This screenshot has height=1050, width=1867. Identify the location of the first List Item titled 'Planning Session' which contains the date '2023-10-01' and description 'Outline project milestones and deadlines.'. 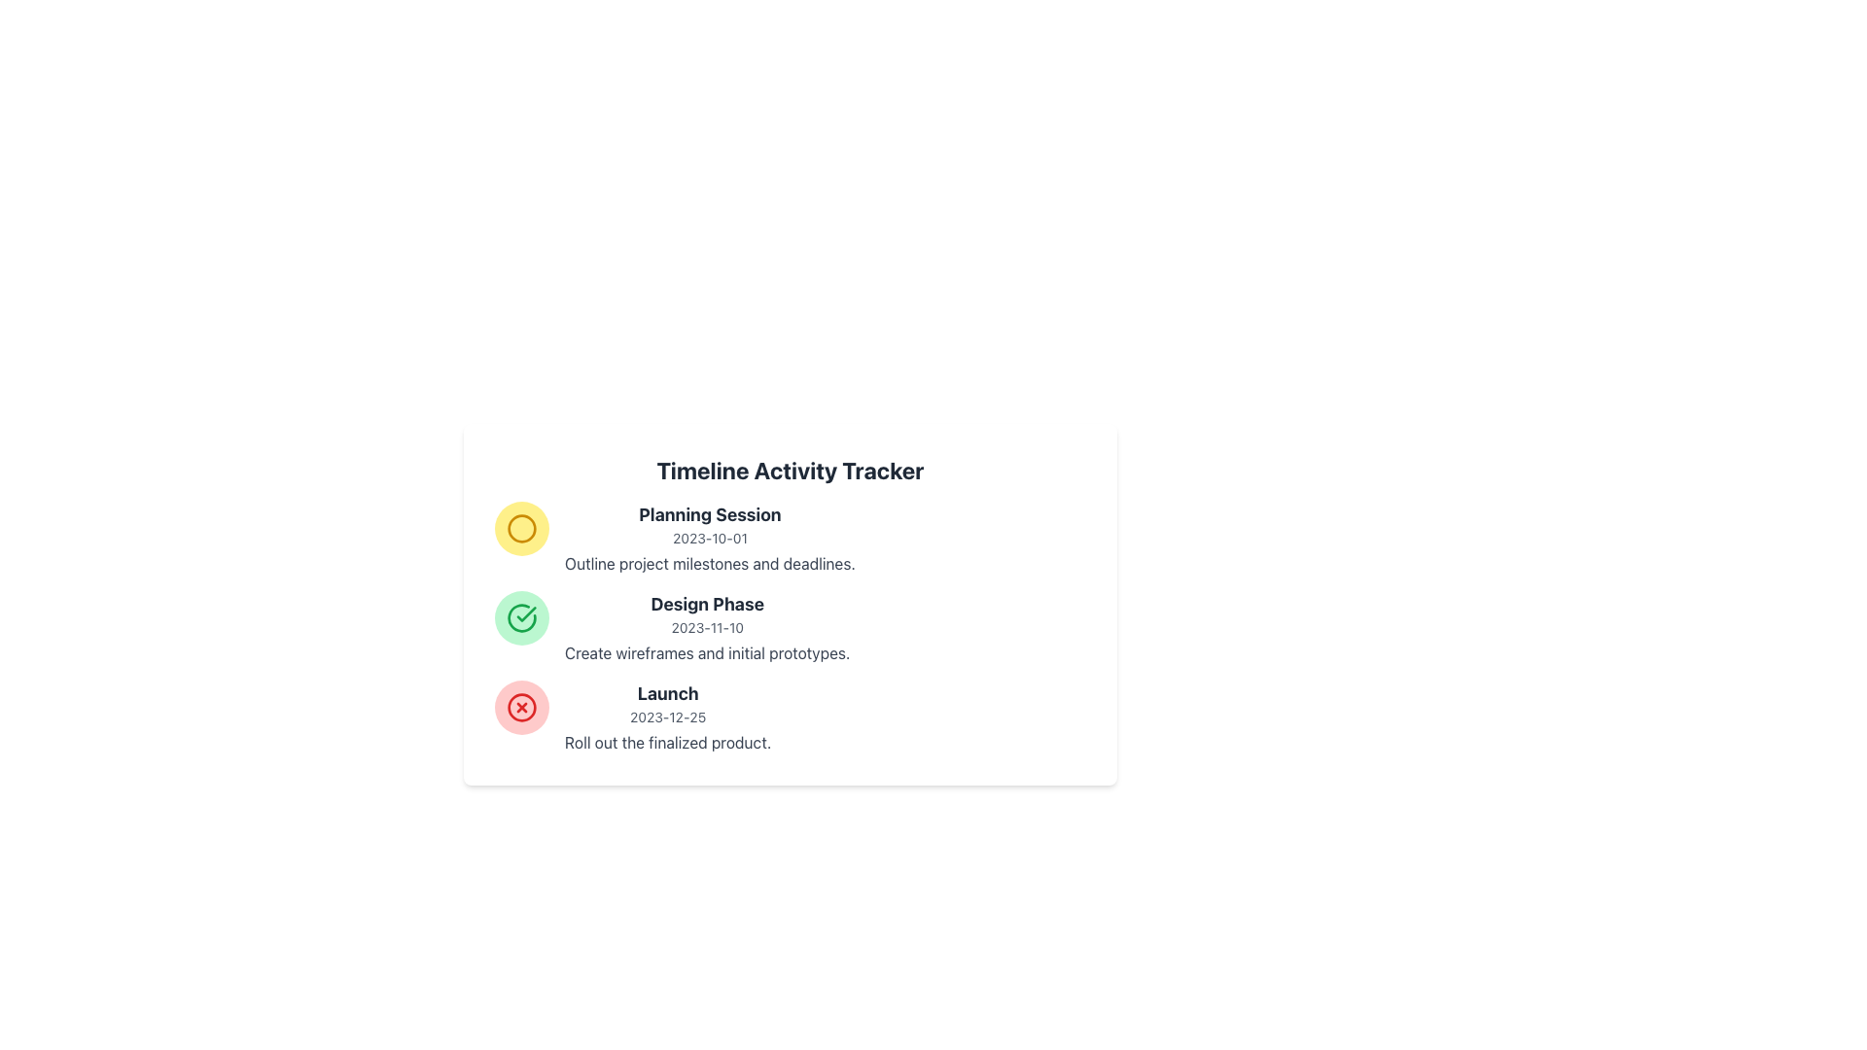
(790, 539).